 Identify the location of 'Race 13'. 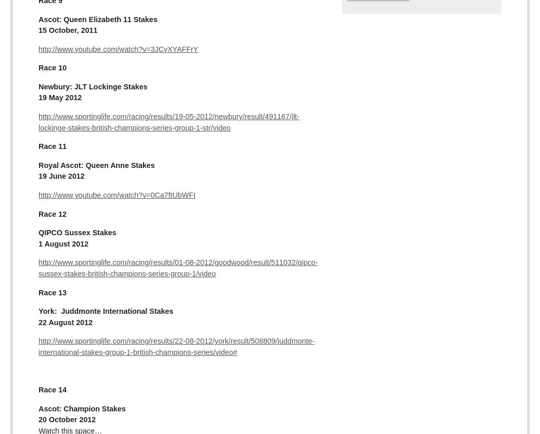
(52, 292).